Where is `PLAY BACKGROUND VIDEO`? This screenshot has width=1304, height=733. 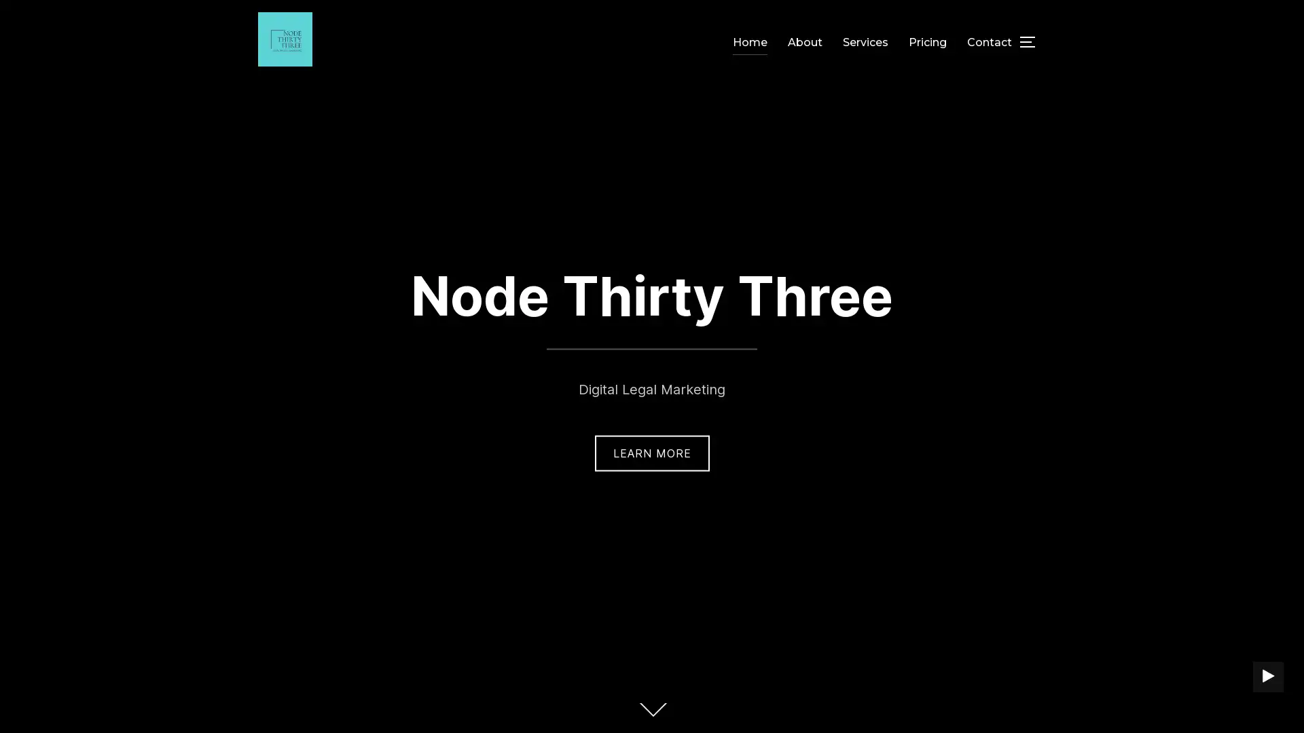 PLAY BACKGROUND VIDEO is located at coordinates (1267, 677).